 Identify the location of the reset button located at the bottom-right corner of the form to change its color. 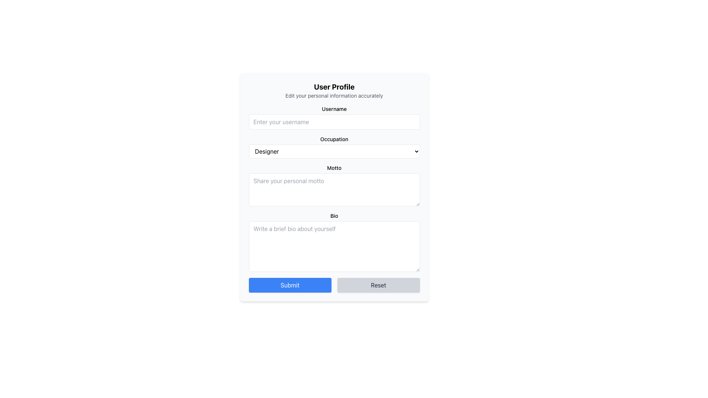
(378, 285).